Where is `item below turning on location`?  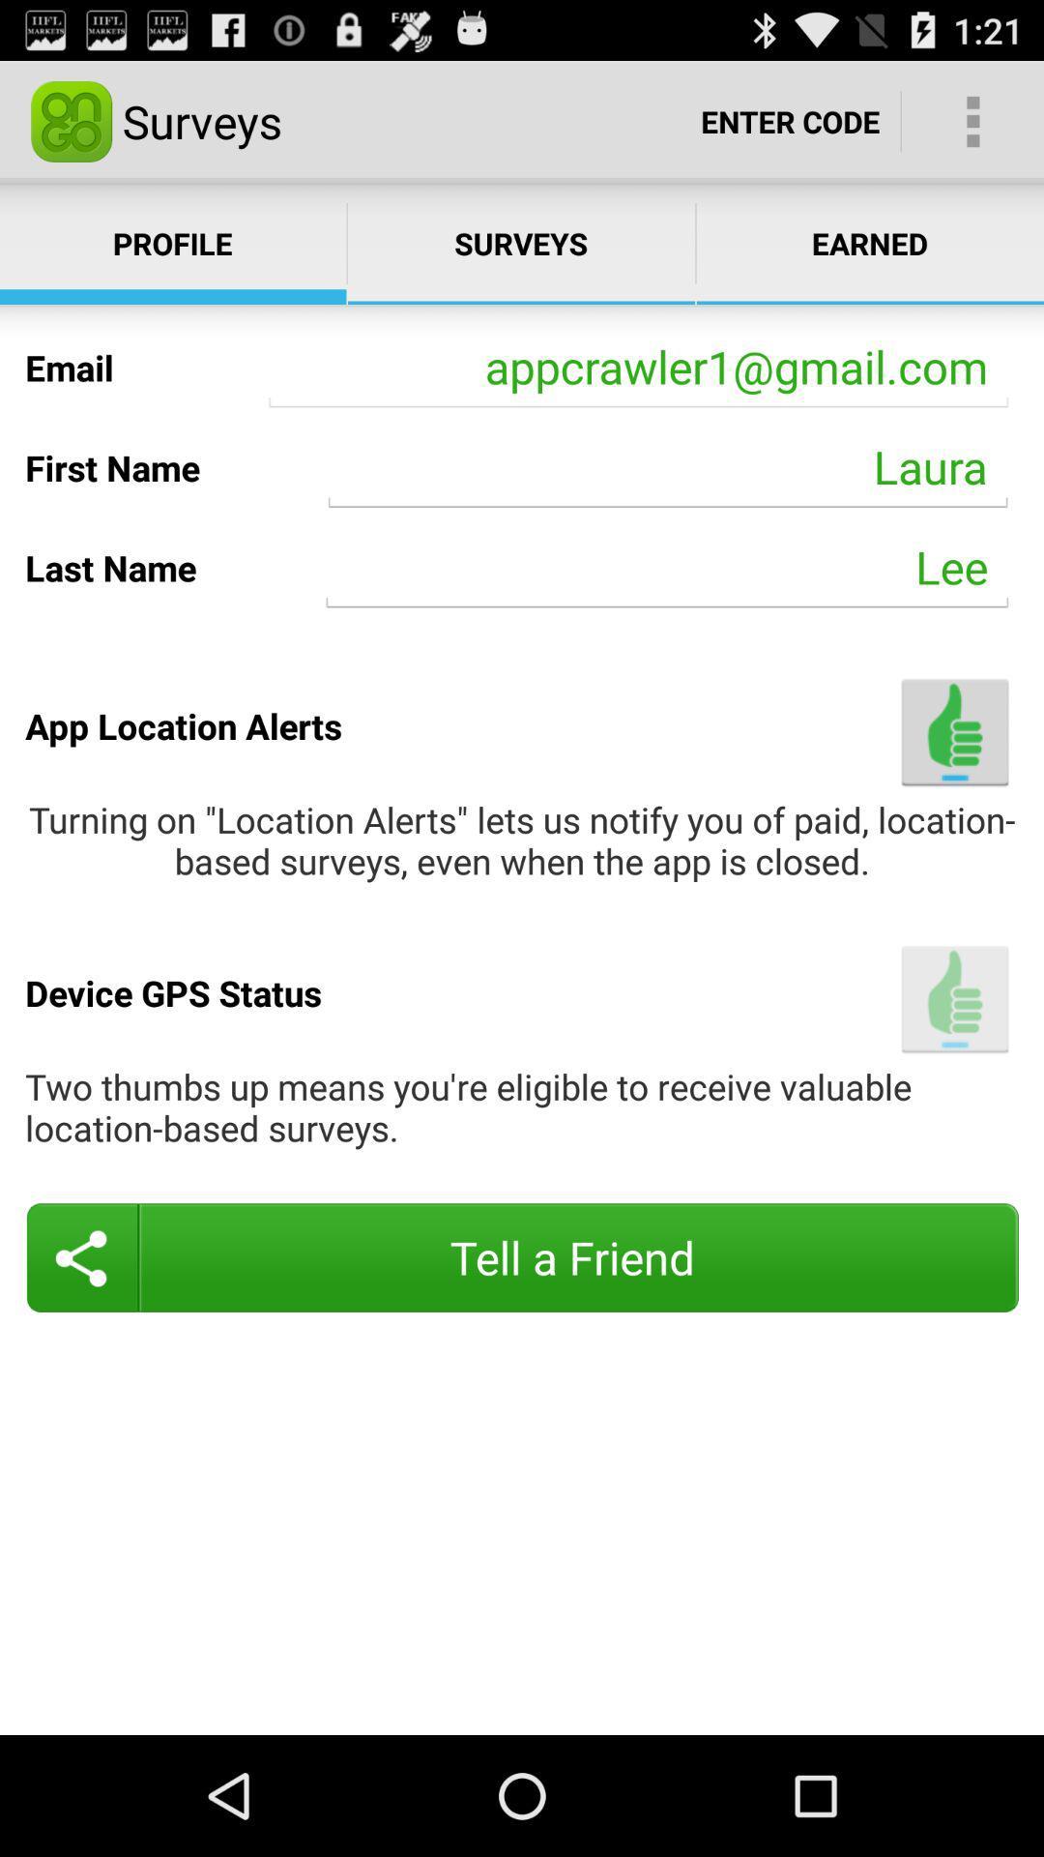
item below turning on location is located at coordinates (954, 999).